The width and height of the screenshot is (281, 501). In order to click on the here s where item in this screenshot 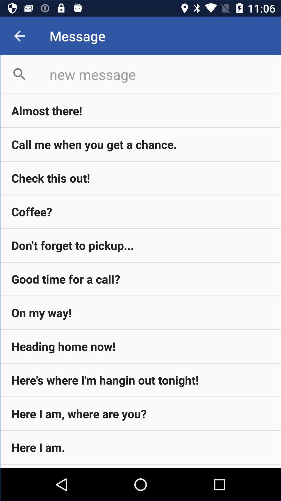, I will do `click(140, 380)`.